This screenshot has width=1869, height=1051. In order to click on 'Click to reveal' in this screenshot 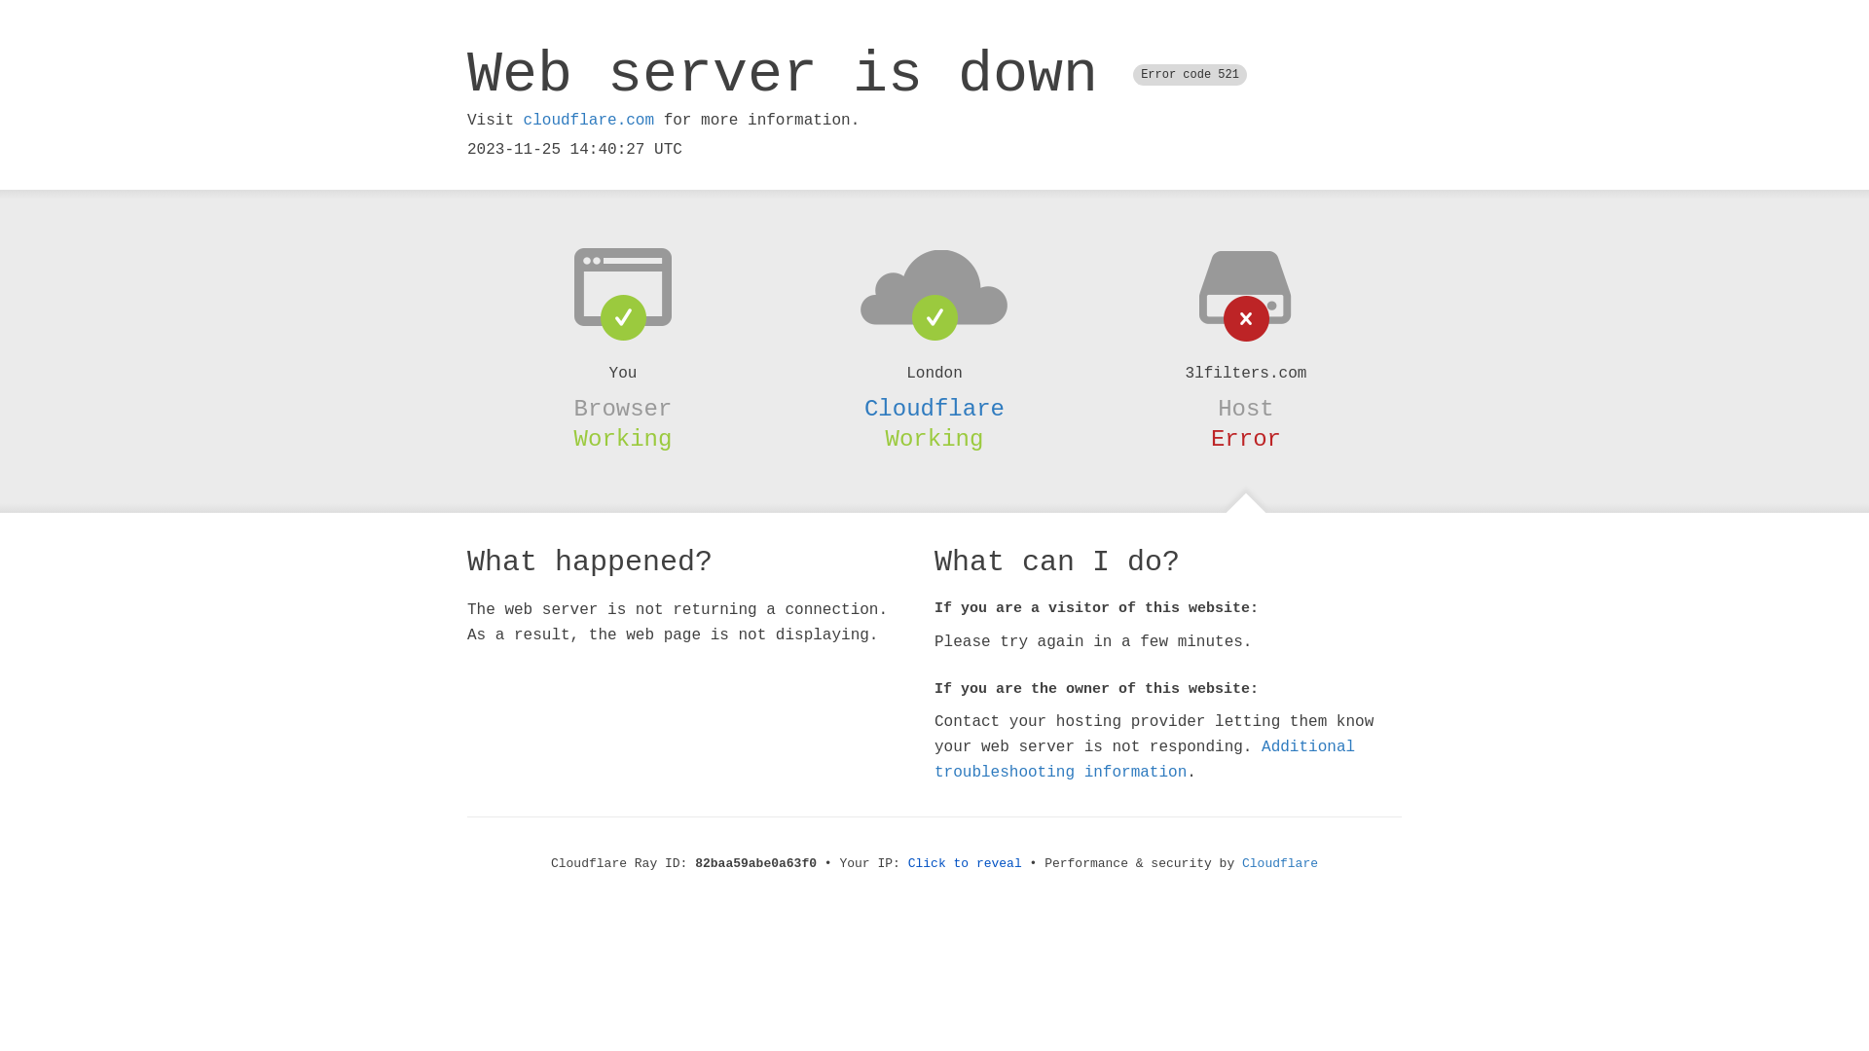, I will do `click(965, 862)`.